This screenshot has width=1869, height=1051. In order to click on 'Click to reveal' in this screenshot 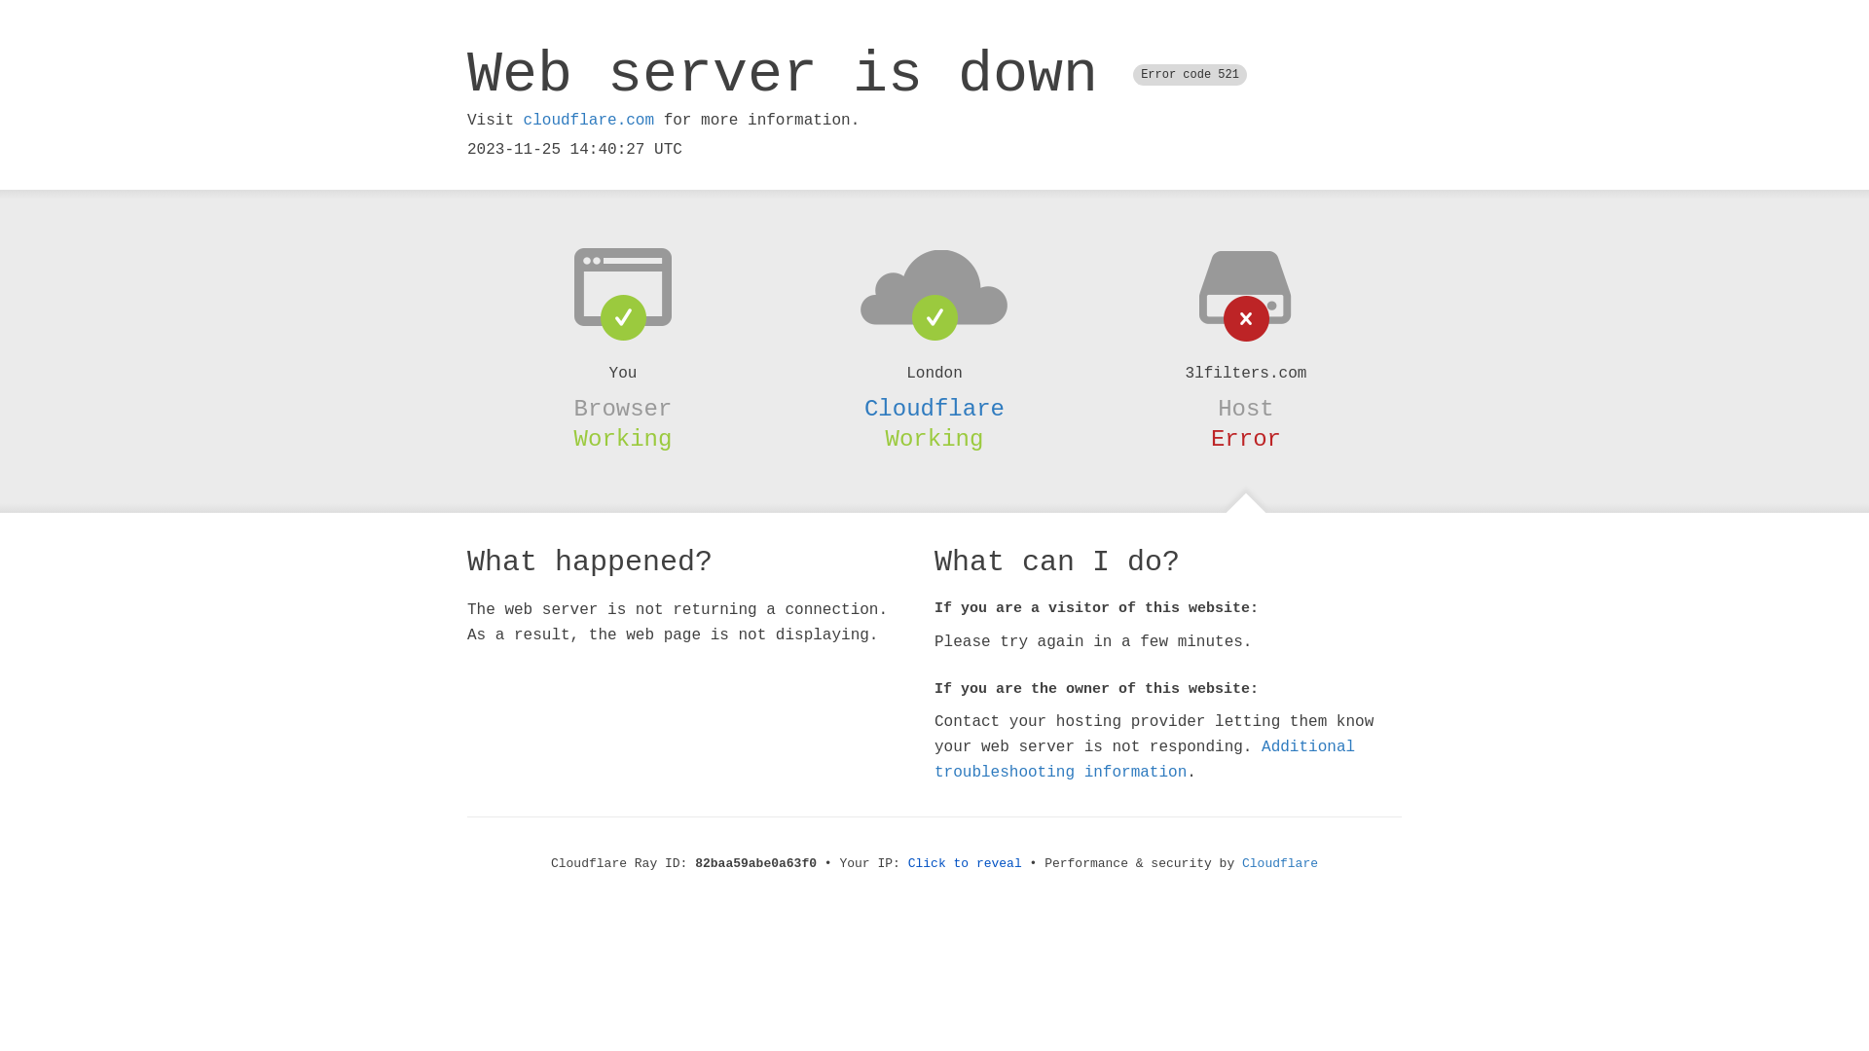, I will do `click(965, 862)`.